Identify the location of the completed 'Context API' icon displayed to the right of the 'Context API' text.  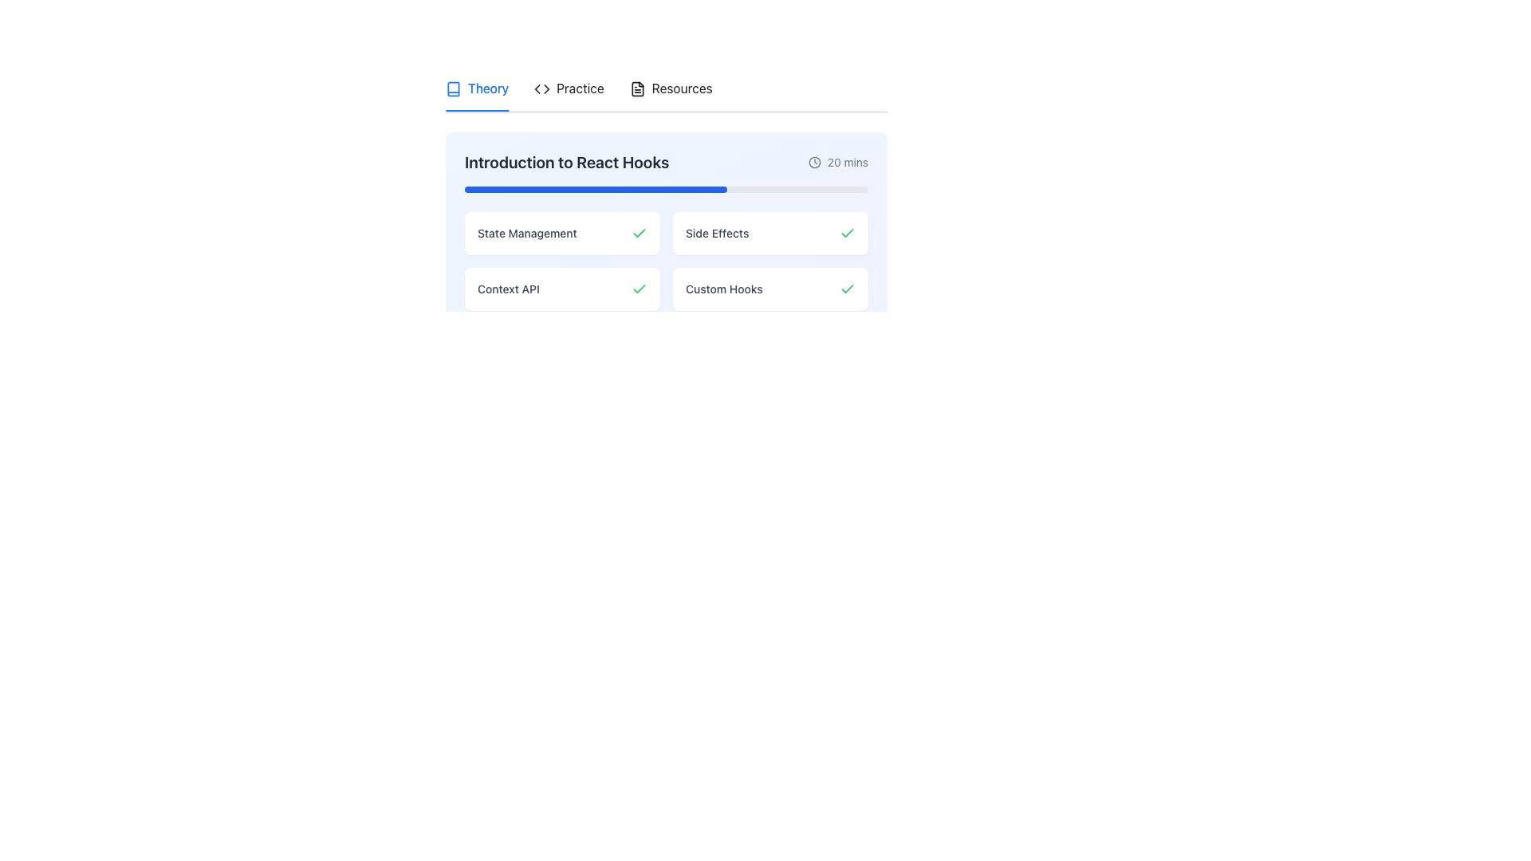
(639, 289).